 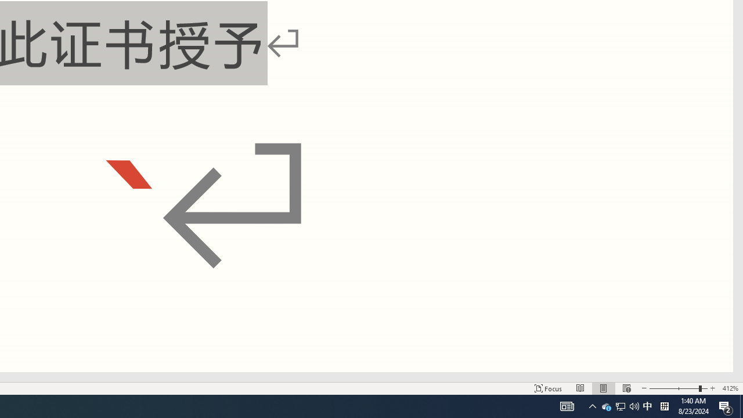 I want to click on 'Focus ', so click(x=547, y=388).